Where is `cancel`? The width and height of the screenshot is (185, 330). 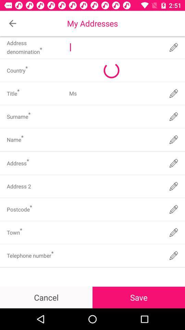 cancel is located at coordinates (46, 297).